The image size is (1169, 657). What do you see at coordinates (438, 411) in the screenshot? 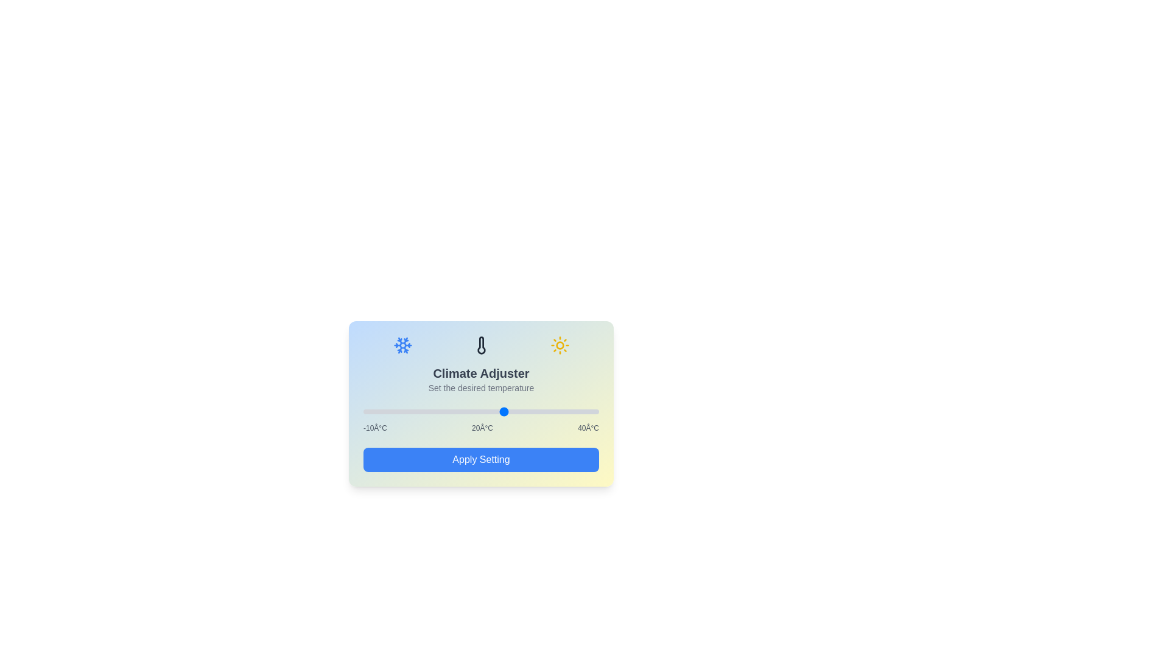
I see `the temperature slider to set the temperature to 6°C` at bounding box center [438, 411].